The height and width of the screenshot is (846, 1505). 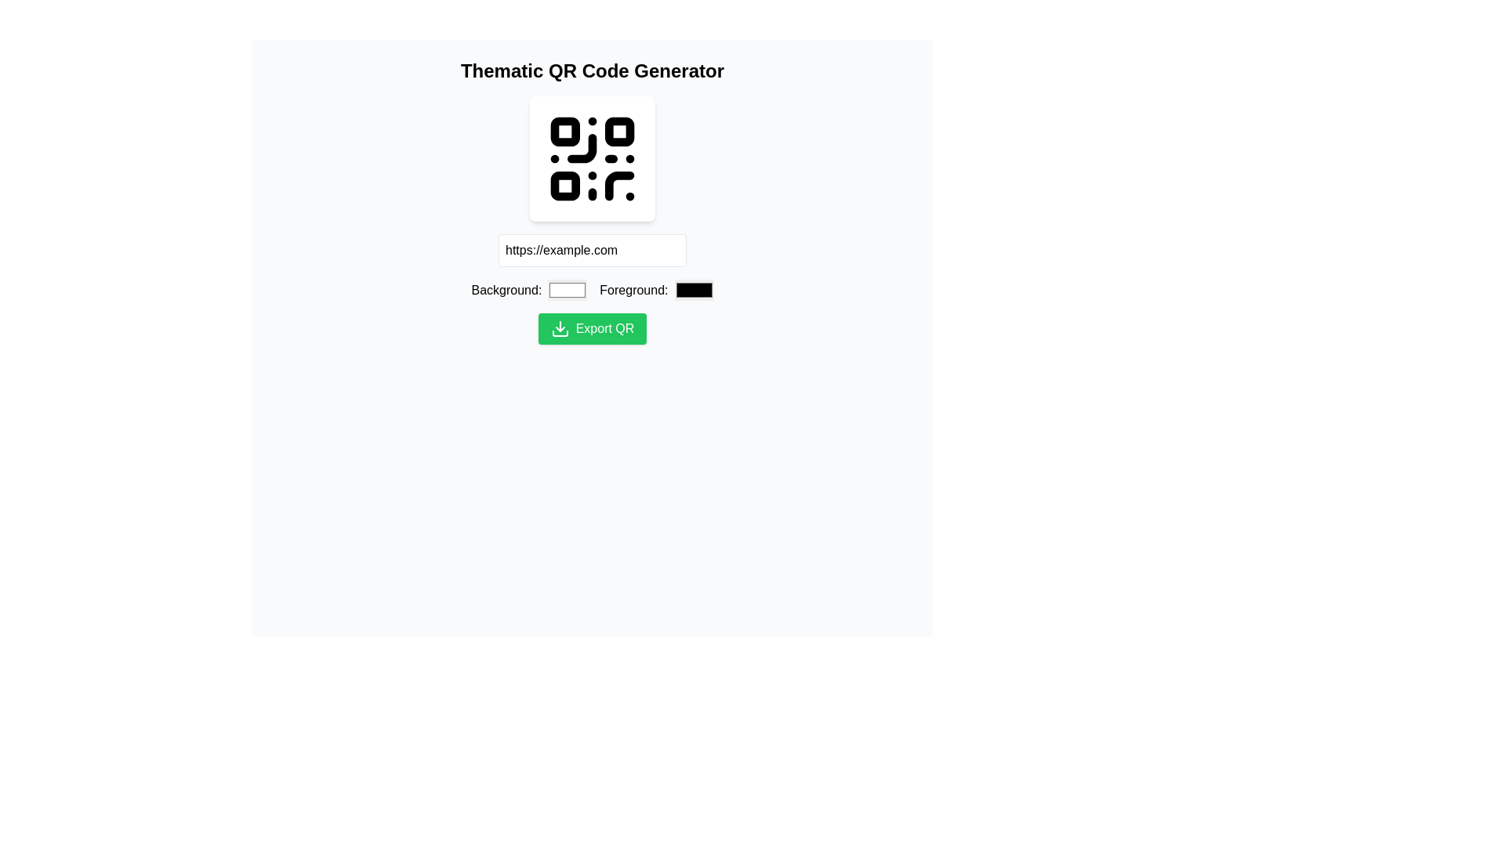 I want to click on the bottommost segment of the download icon, which is a horizontal rectangular bar located to the left of the 'Export QR' button, directly below the arrowhead, so click(x=560, y=332).